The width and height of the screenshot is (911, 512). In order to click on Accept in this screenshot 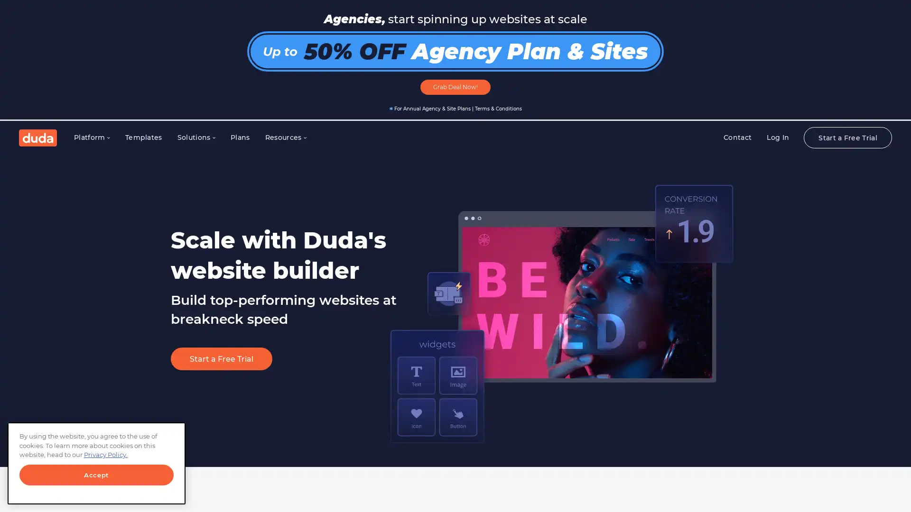, I will do `click(96, 475)`.